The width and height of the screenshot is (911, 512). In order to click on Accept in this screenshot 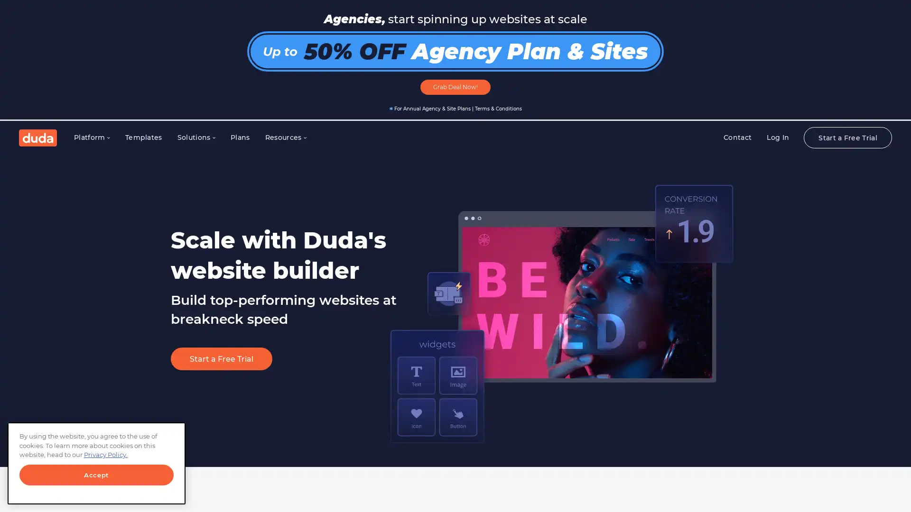, I will do `click(96, 475)`.